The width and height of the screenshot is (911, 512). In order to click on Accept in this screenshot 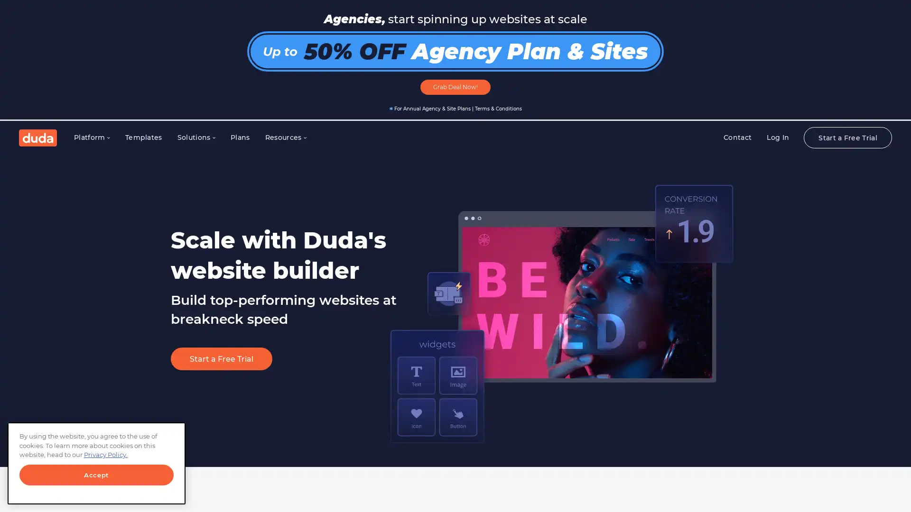, I will do `click(96, 475)`.